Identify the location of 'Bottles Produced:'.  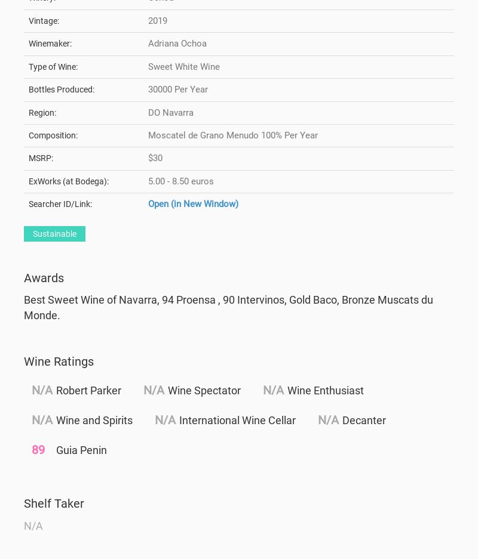
(61, 89).